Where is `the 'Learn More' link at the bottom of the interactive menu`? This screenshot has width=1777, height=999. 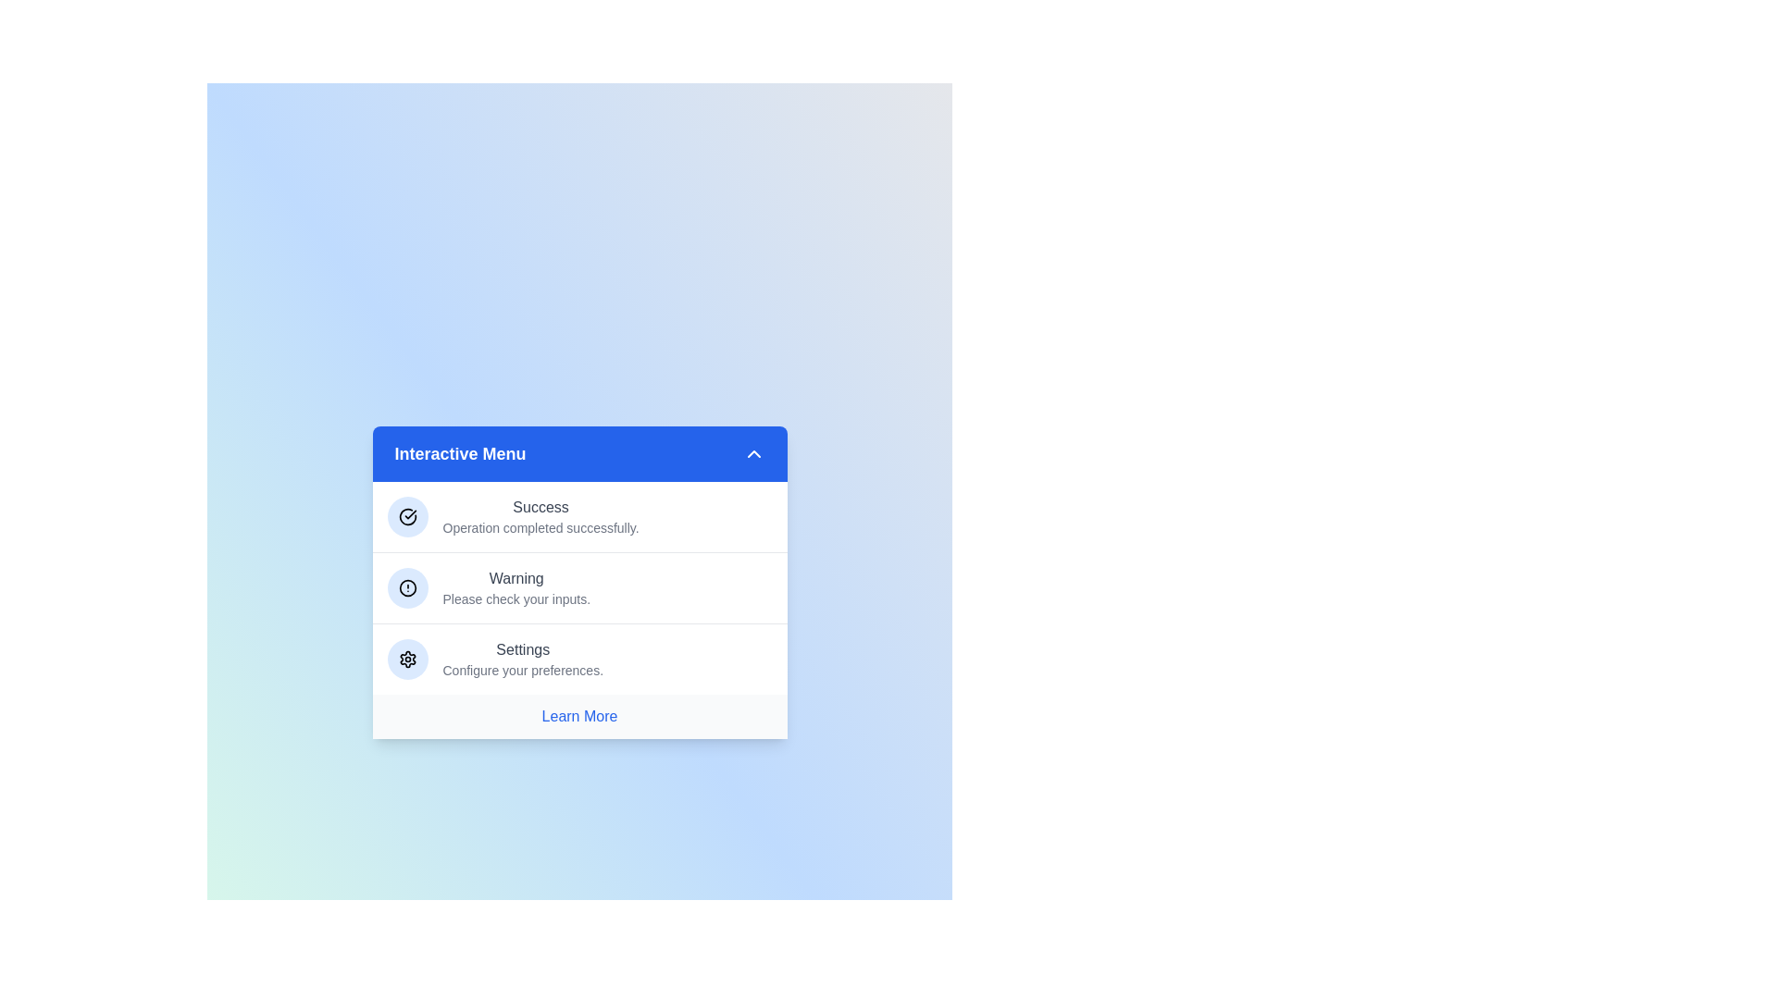
the 'Learn More' link at the bottom of the interactive menu is located at coordinates (578, 716).